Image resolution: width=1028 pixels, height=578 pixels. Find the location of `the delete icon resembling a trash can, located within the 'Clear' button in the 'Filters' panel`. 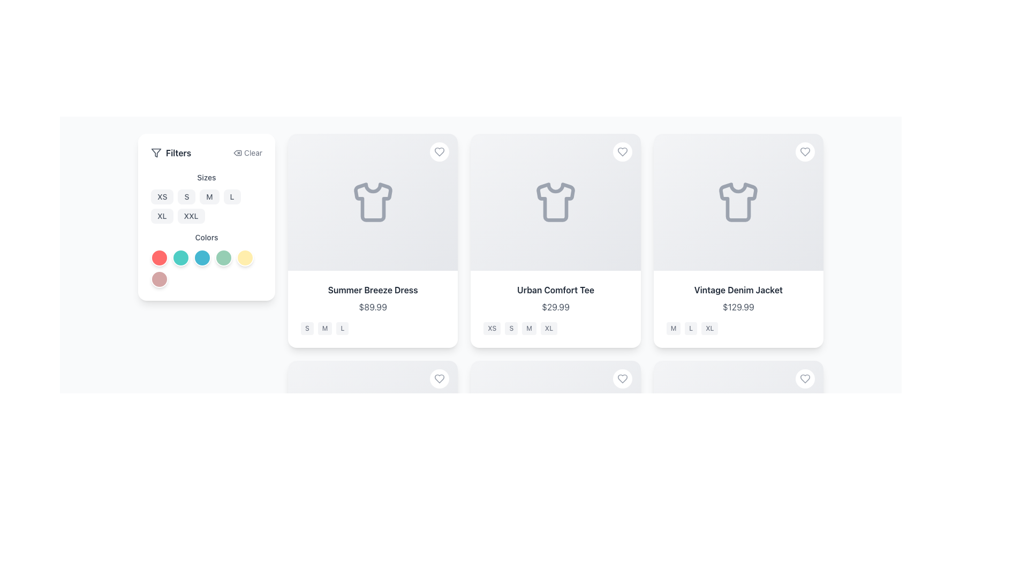

the delete icon resembling a trash can, located within the 'Clear' button in the 'Filters' panel is located at coordinates (237, 153).